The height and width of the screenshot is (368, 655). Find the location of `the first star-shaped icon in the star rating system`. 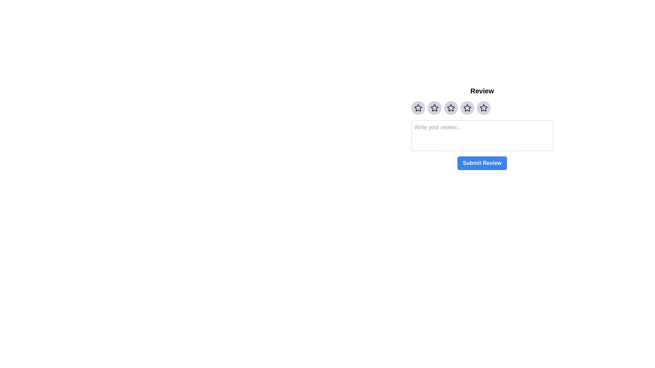

the first star-shaped icon in the star rating system is located at coordinates (483, 107).